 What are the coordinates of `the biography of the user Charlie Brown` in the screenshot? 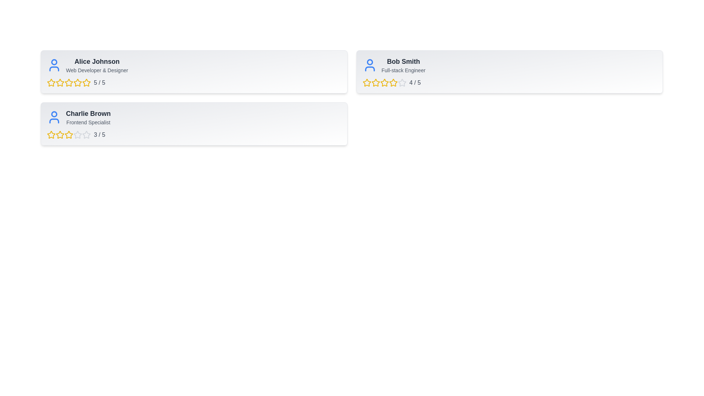 It's located at (88, 122).